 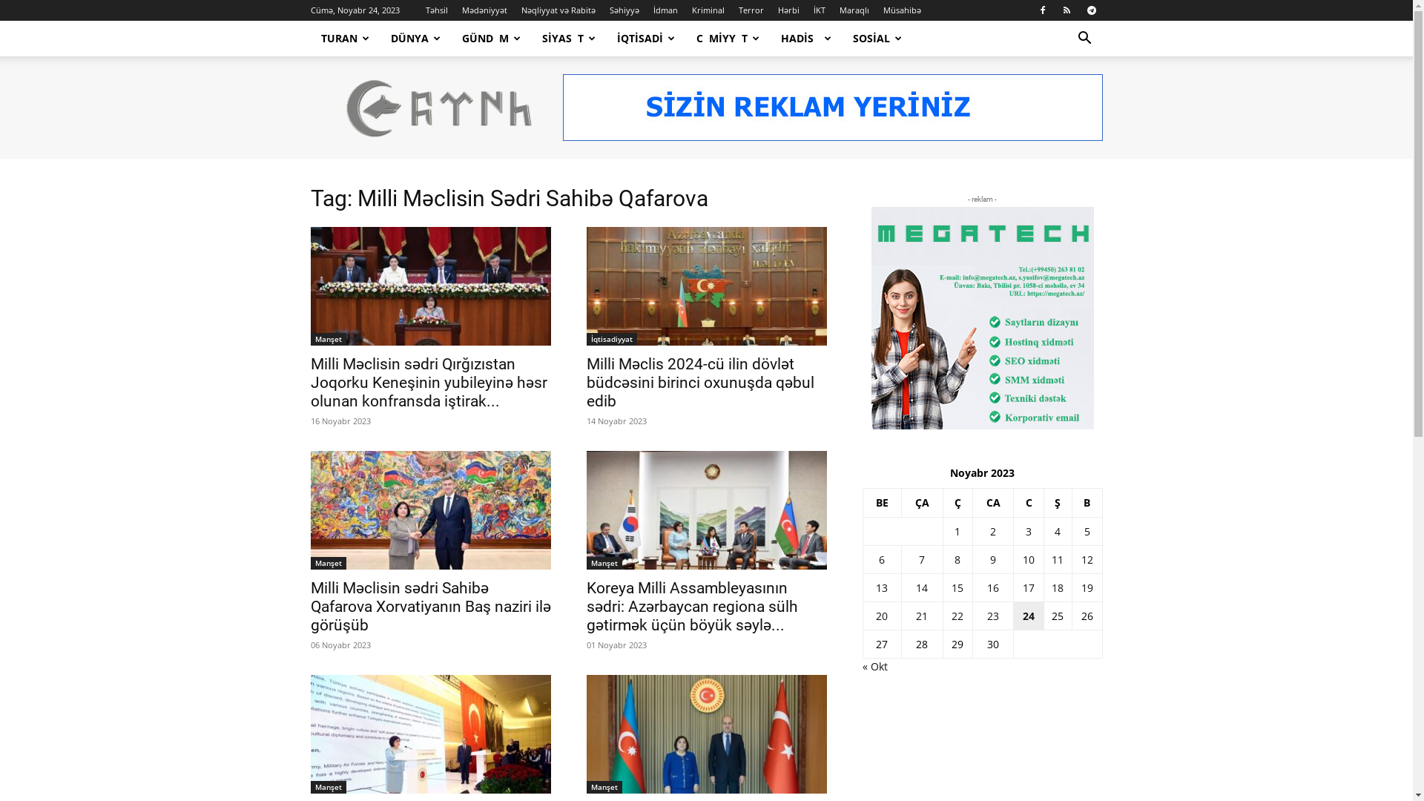 What do you see at coordinates (875, 616) in the screenshot?
I see `'20'` at bounding box center [875, 616].